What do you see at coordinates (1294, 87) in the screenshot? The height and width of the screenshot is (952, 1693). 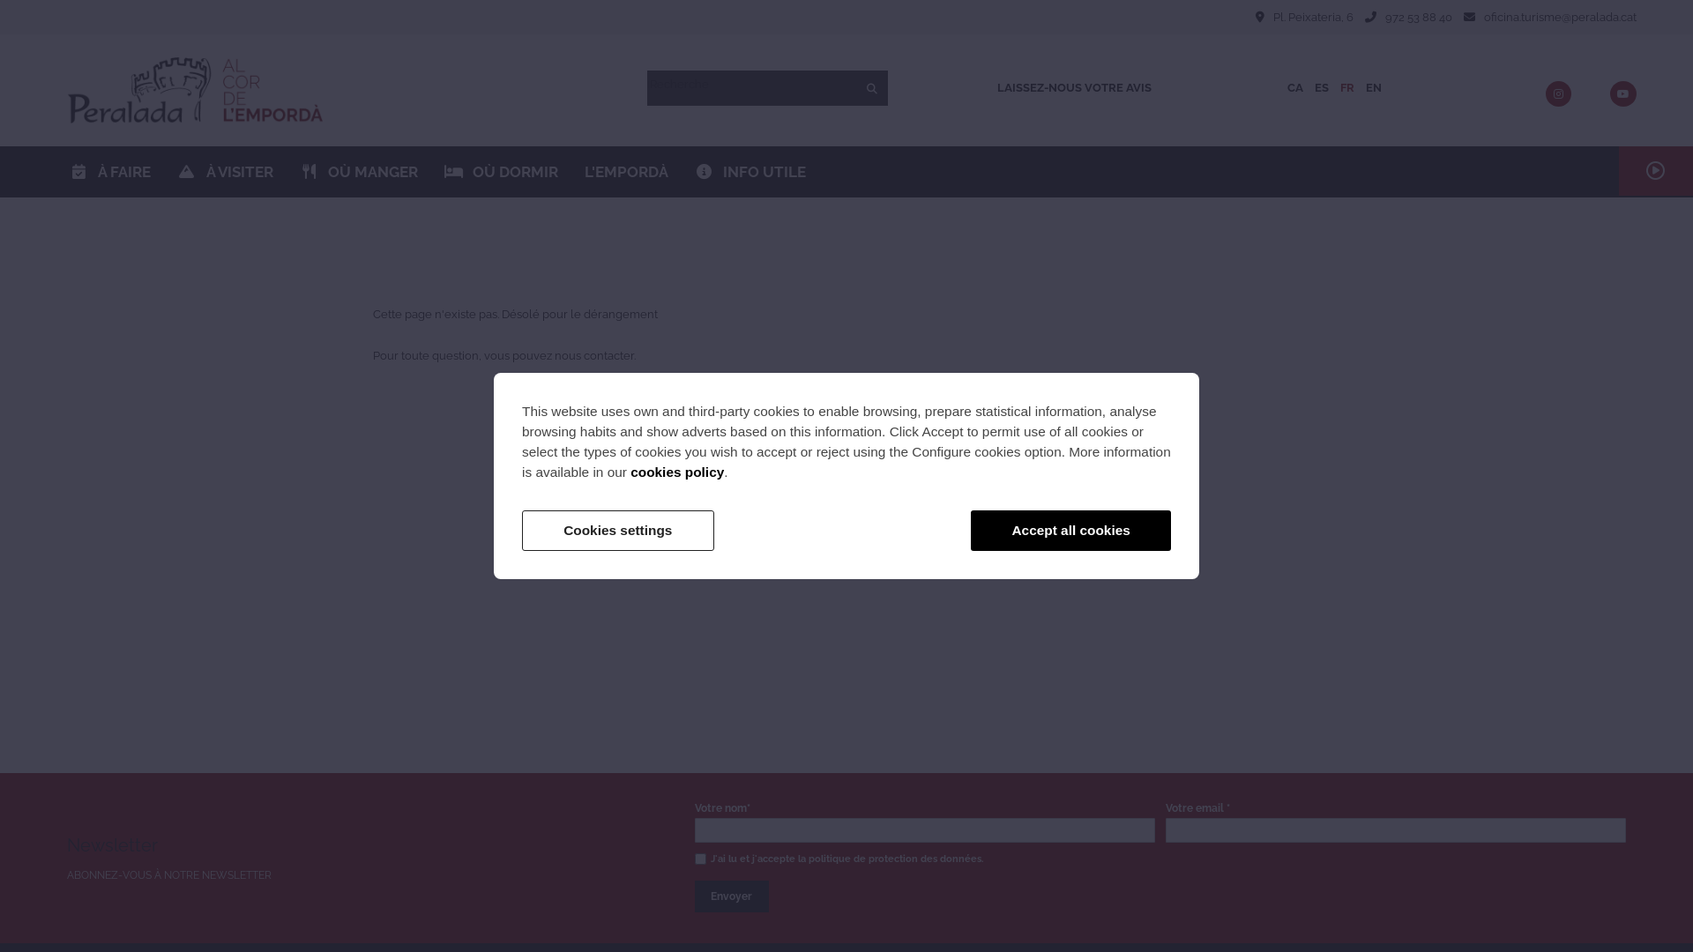 I see `'CA'` at bounding box center [1294, 87].